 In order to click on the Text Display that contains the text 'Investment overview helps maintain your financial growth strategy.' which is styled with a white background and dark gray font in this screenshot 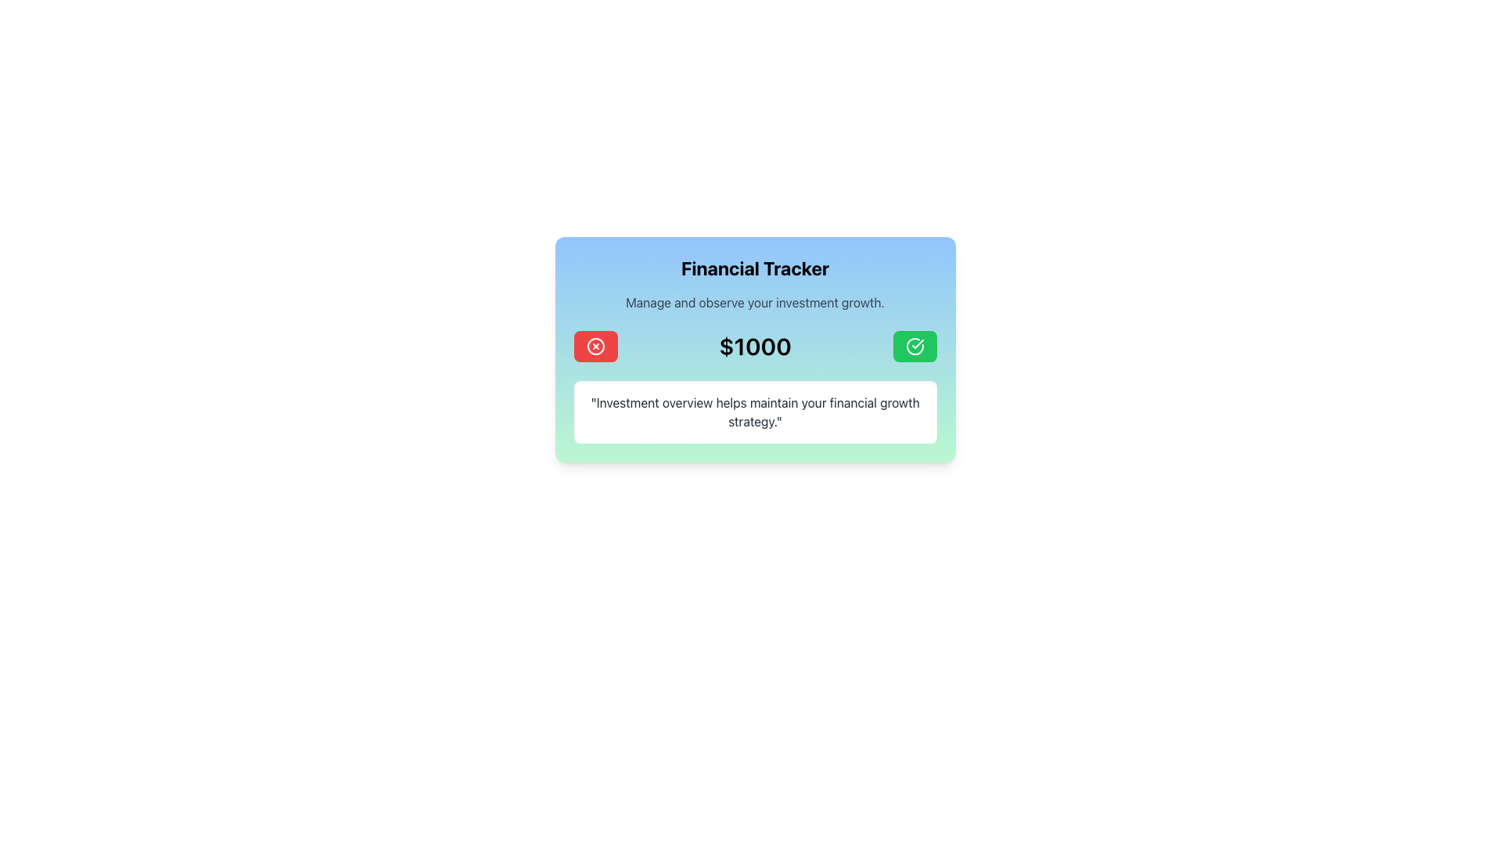, I will do `click(755, 412)`.